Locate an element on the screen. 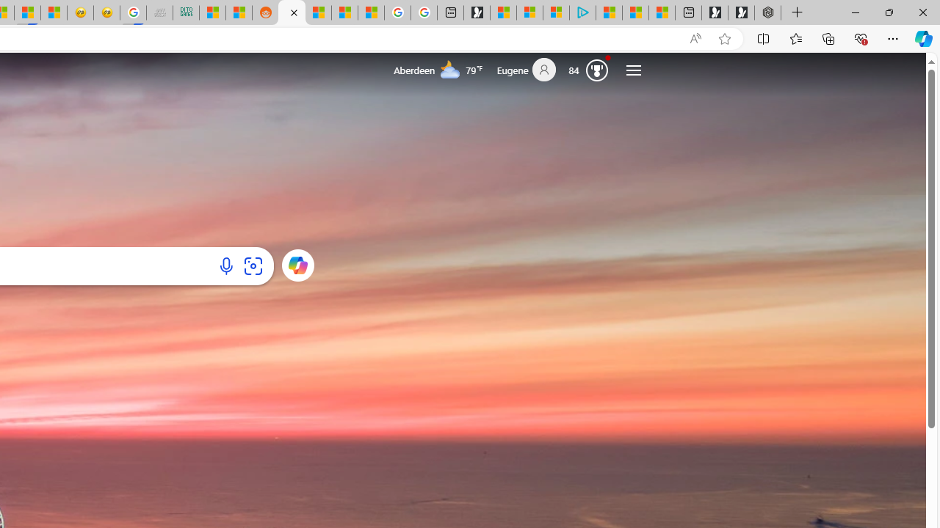 Image resolution: width=940 pixels, height=528 pixels. 'Search using an image' is located at coordinates (253, 265).